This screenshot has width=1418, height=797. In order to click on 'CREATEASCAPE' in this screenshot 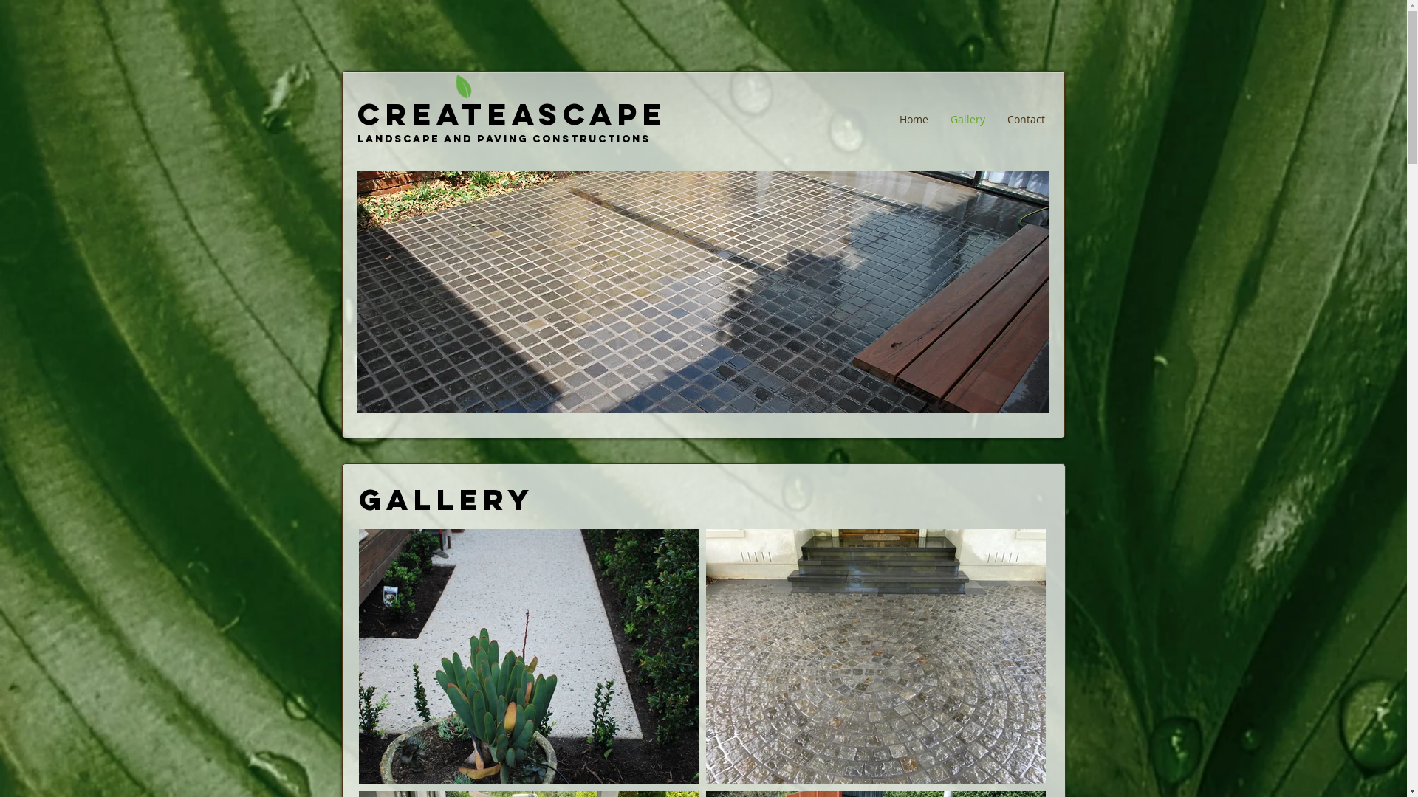, I will do `click(357, 113)`.